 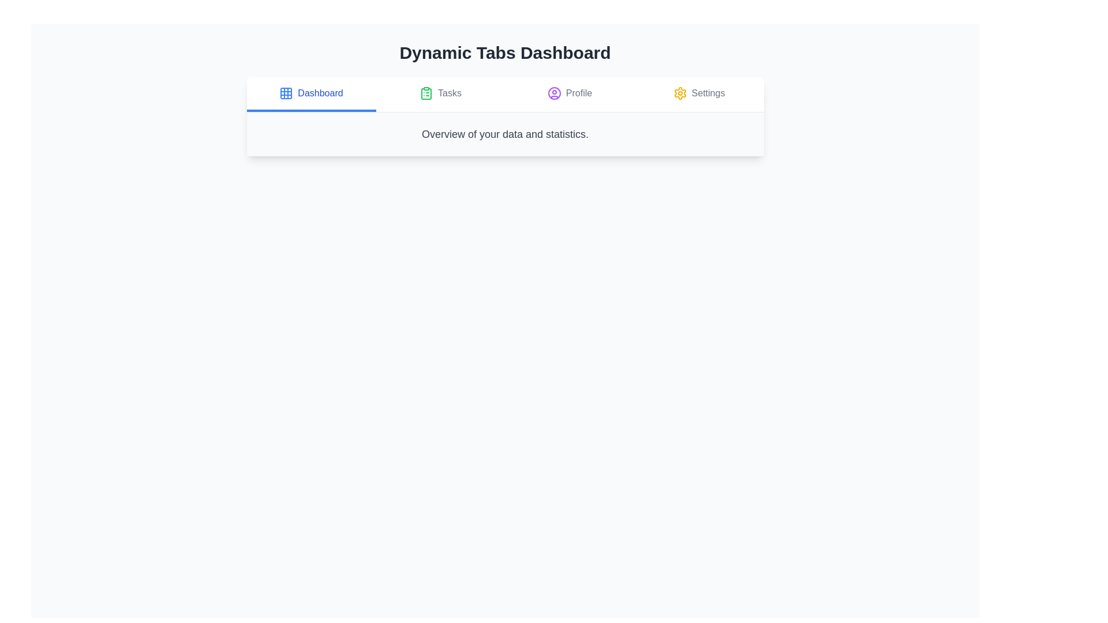 What do you see at coordinates (708, 93) in the screenshot?
I see `the fourth text tab in the navigation bar` at bounding box center [708, 93].